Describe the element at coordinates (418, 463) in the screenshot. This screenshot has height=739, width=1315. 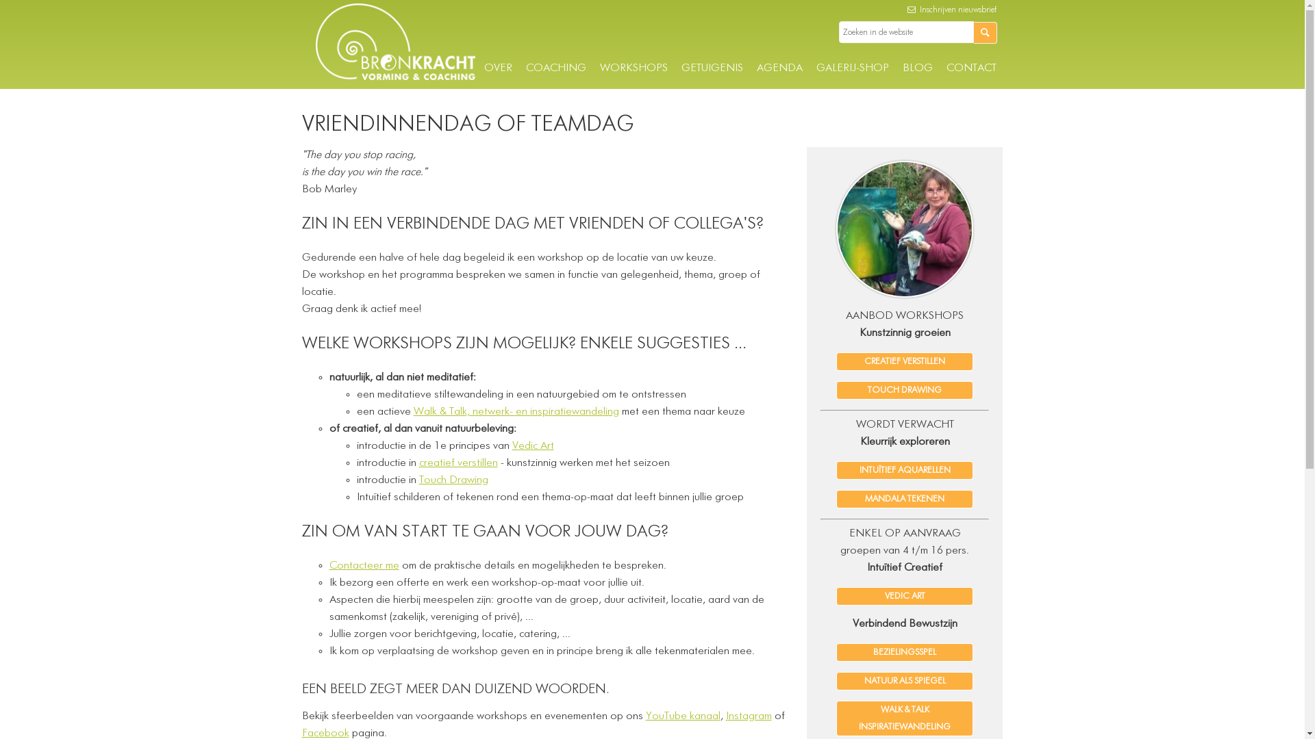
I see `'creatief verstillen'` at that location.